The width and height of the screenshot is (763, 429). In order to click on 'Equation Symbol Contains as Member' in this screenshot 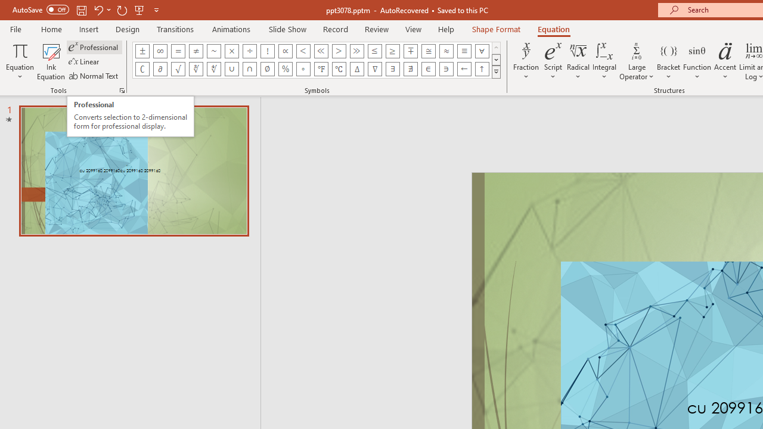, I will do `click(445, 69)`.